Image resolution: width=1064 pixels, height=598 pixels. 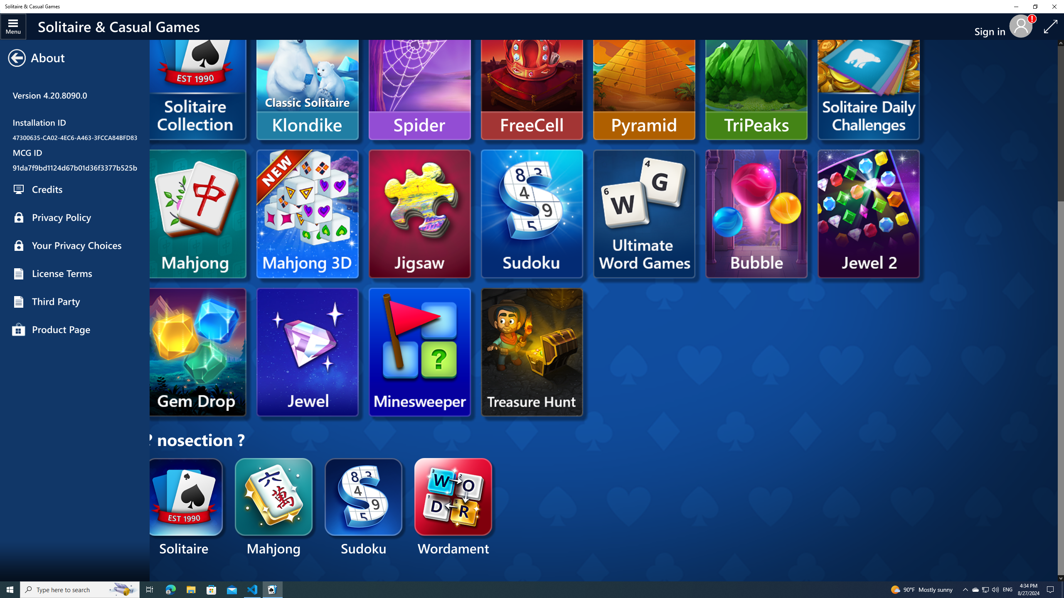 I want to click on 'Microsoft UWG', so click(x=644, y=213).